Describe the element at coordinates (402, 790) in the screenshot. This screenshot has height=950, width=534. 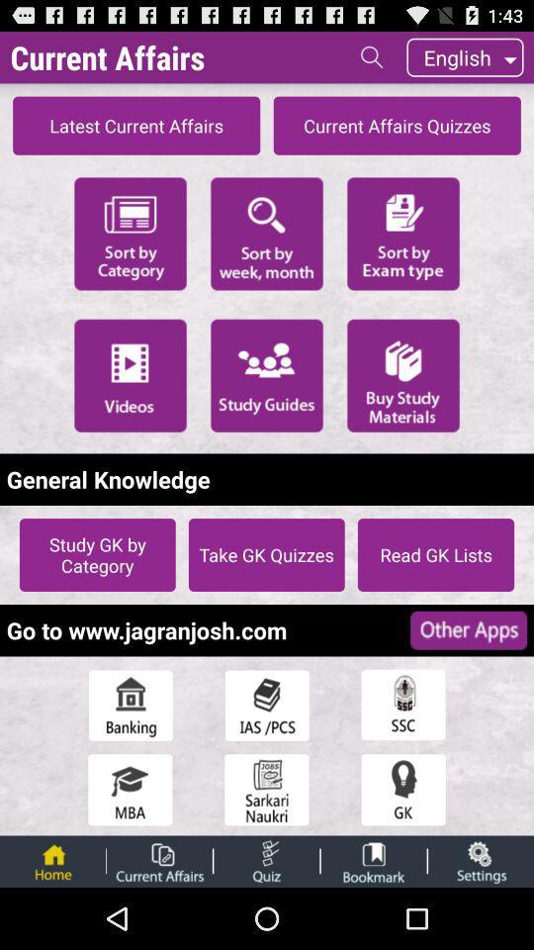
I see `open quiz` at that location.